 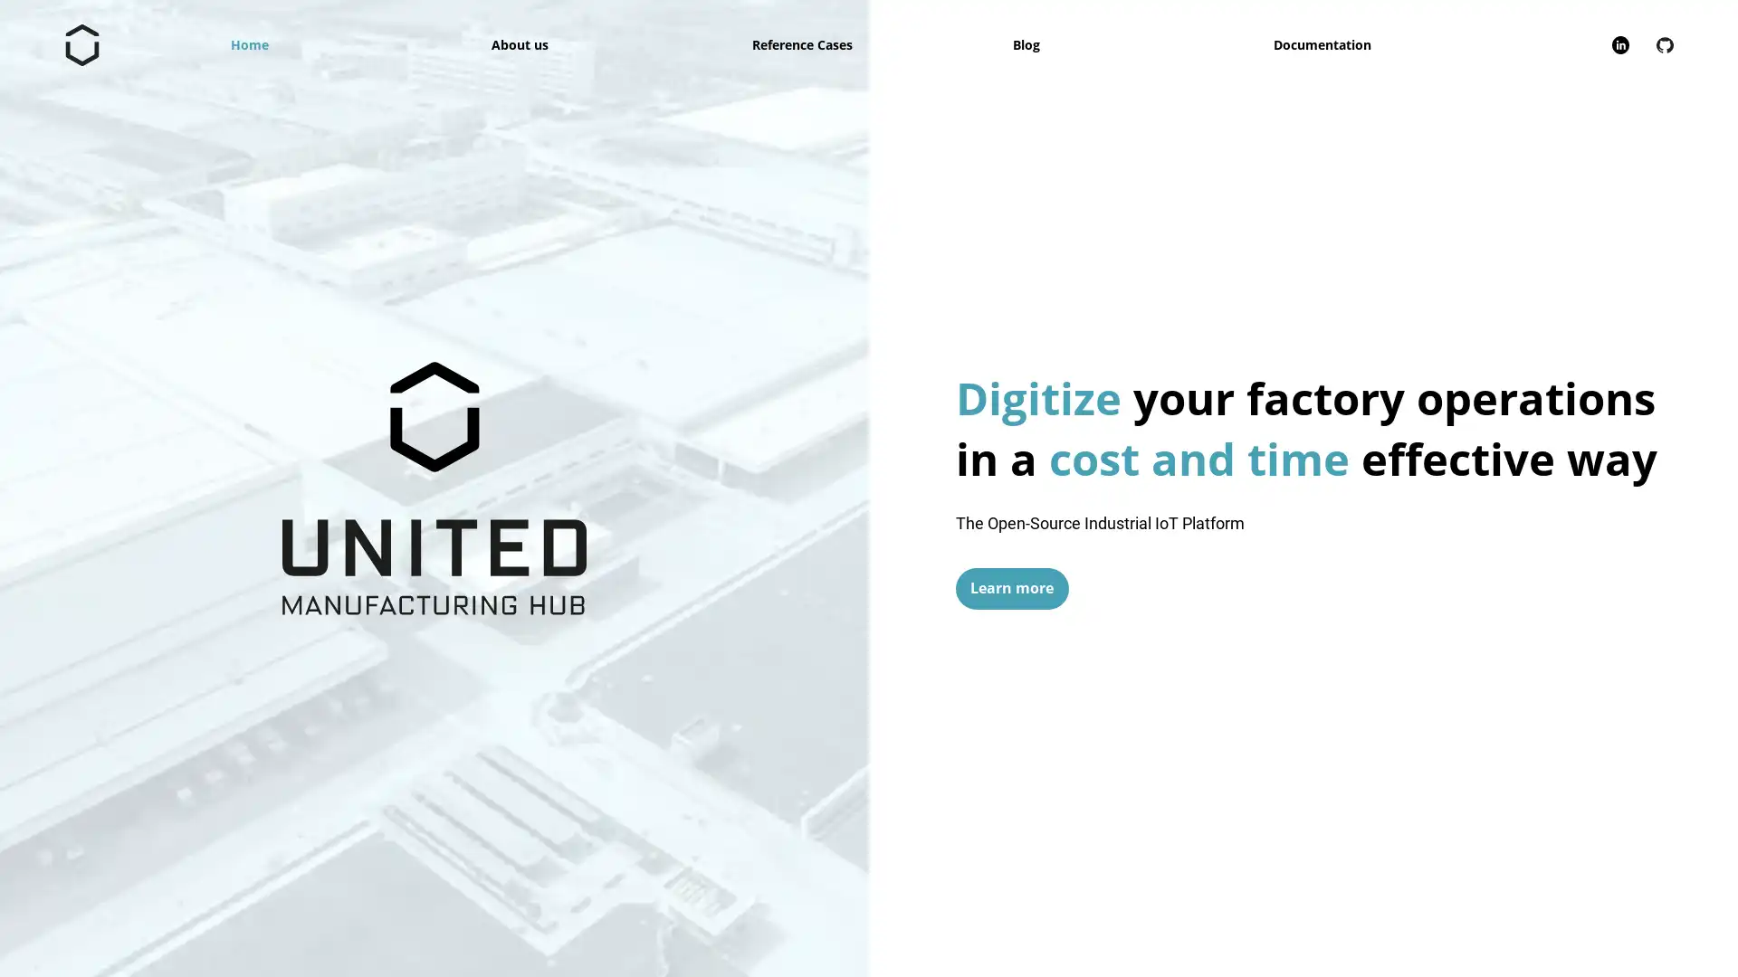 I want to click on Close, so click(x=1715, y=947).